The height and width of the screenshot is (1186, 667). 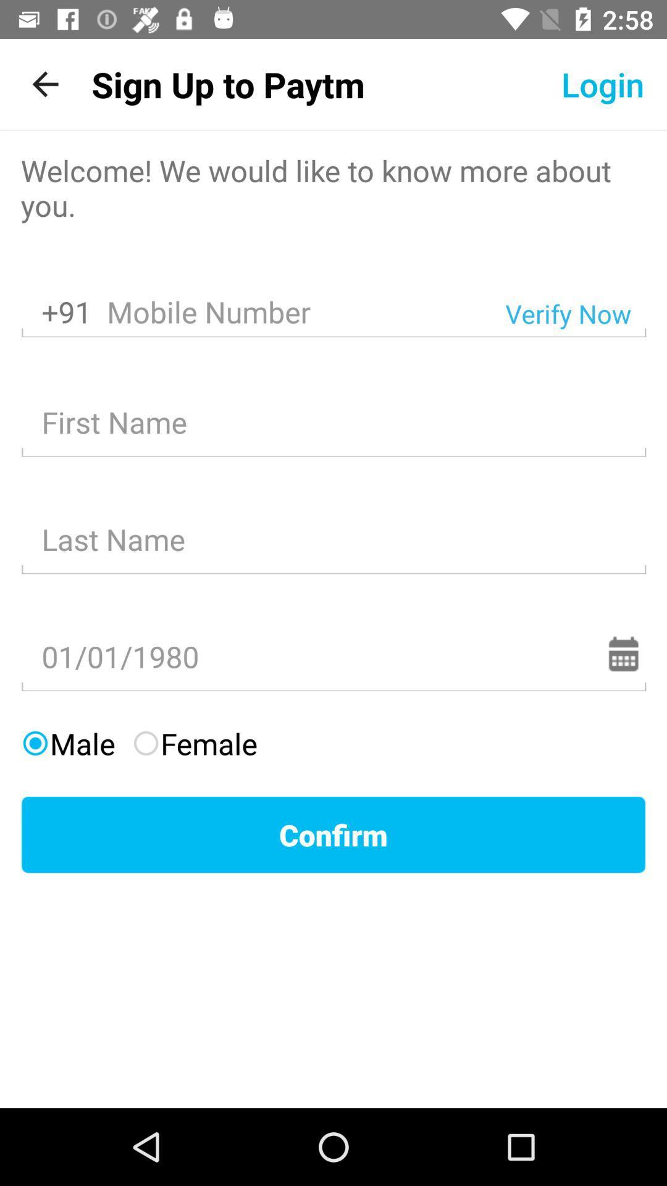 What do you see at coordinates (195, 742) in the screenshot?
I see `female item` at bounding box center [195, 742].